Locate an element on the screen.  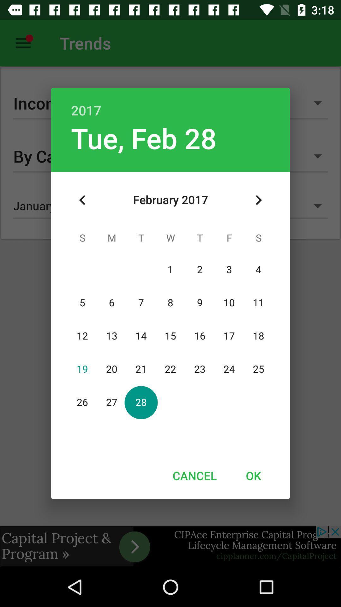
the icon to the right of the cancel is located at coordinates (253, 475).